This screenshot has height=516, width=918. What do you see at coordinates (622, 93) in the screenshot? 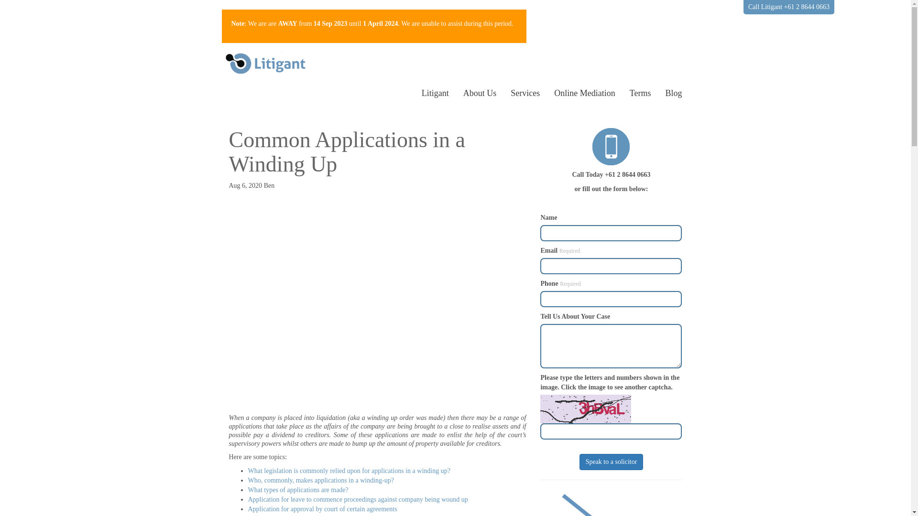
I see `'Terms'` at bounding box center [622, 93].